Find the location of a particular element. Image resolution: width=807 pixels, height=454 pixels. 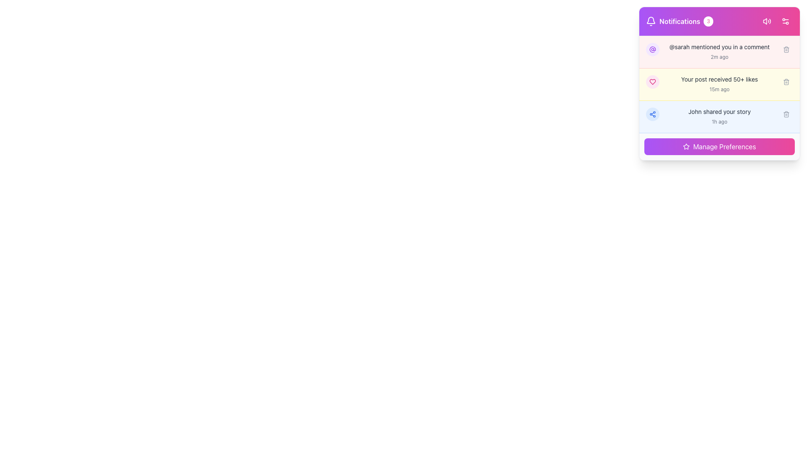

the delete button on the right side of the notification item that shows 'John shared your story' with a light blue background is located at coordinates (719, 116).